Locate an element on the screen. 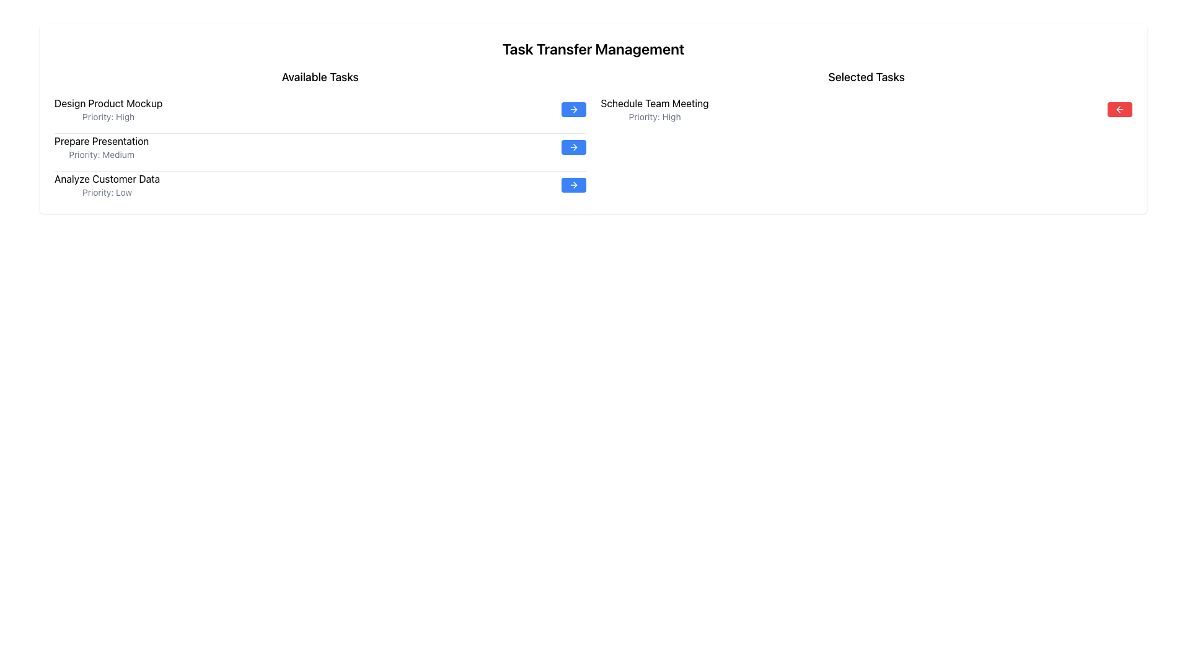 This screenshot has width=1190, height=669. the rightward arrow icon within the blue button on the right side of the 'Schedule Team Meeting' task row in the 'Available Tasks' section to initiate task transfer is located at coordinates (573, 109).